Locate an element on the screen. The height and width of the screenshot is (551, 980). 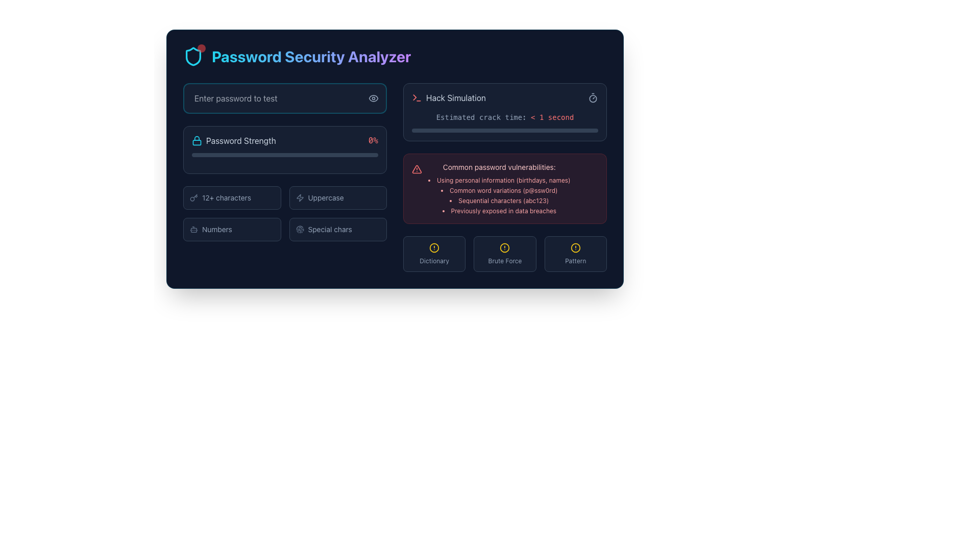
the label with icon indicating the need for passwords to exceed 12 characters, which is located in the top-left section of the password requirements box is located at coordinates (231, 198).